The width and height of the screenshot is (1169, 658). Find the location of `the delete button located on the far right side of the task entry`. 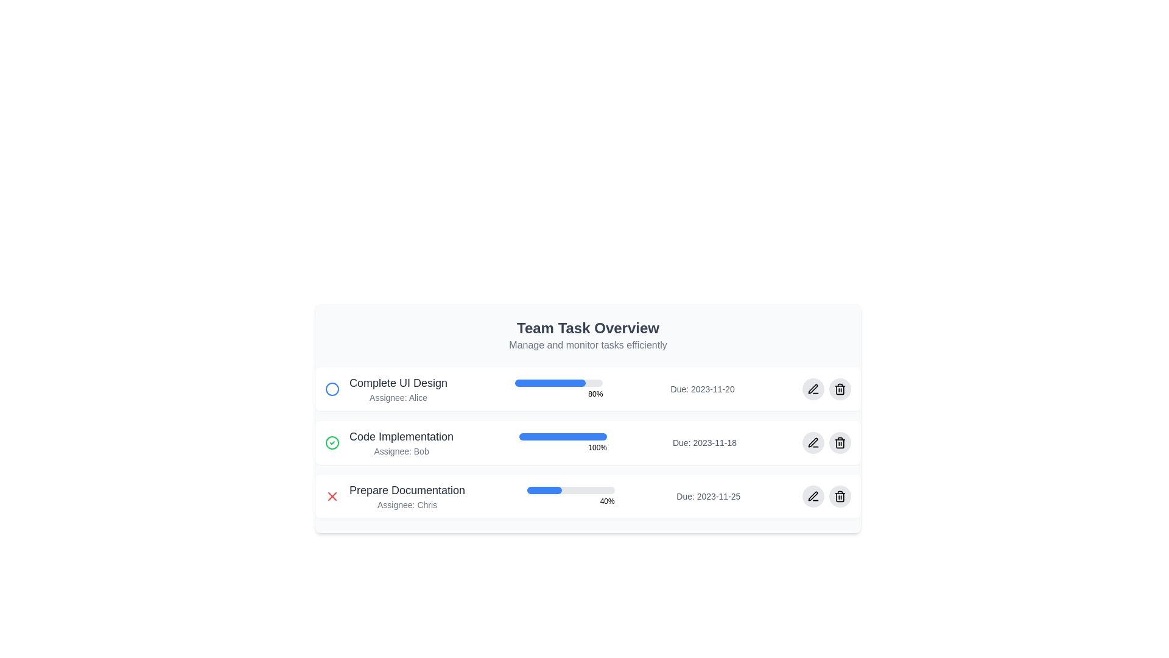

the delete button located on the far right side of the task entry is located at coordinates (839, 496).